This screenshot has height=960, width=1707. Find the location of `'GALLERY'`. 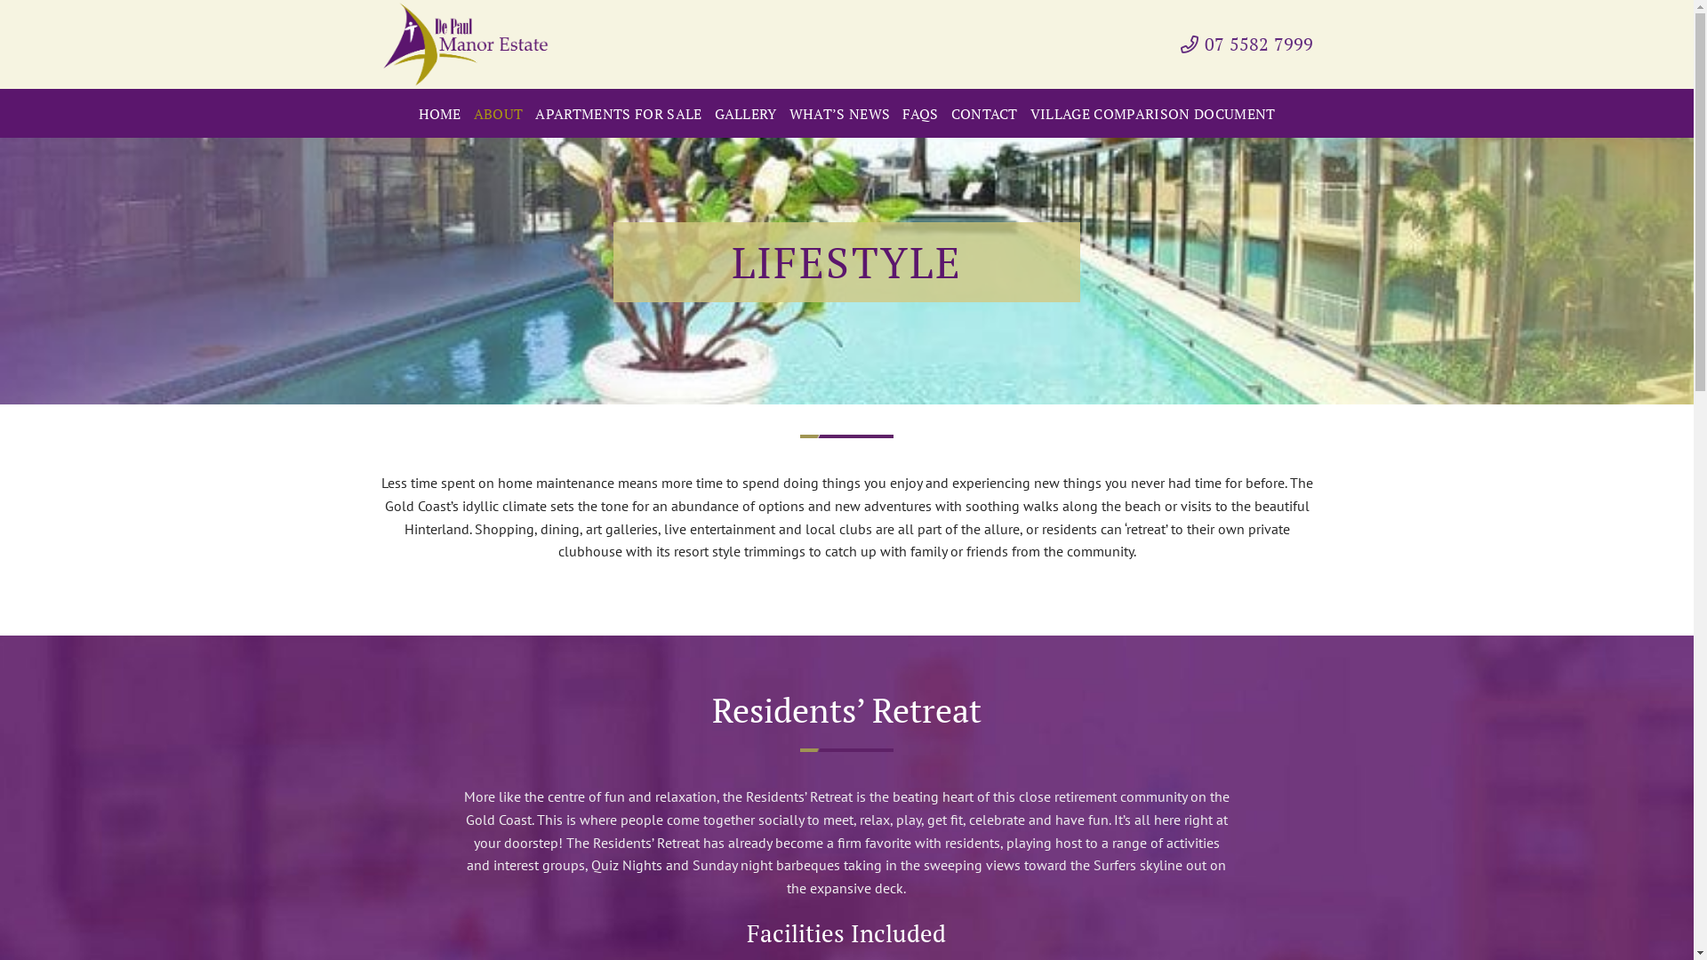

'GALLERY' is located at coordinates (746, 113).